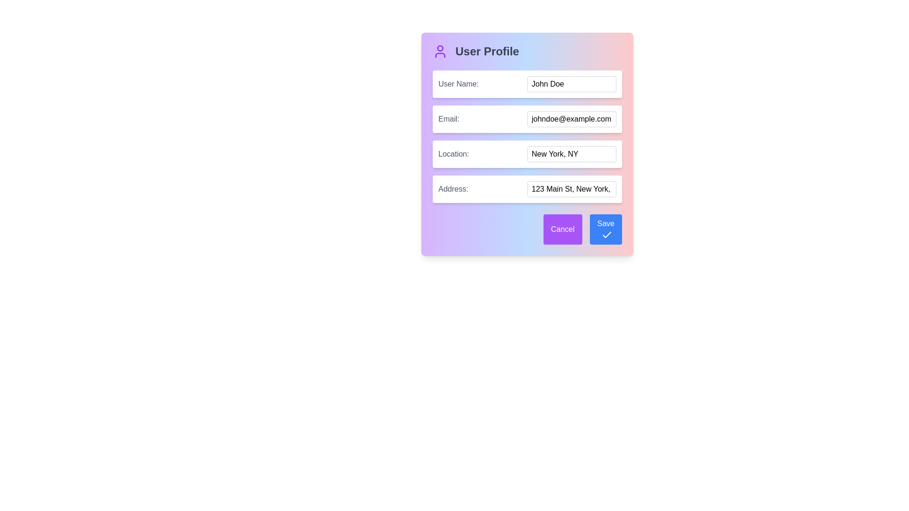 The image size is (909, 511). What do you see at coordinates (562, 229) in the screenshot?
I see `the 'Cancel' button` at bounding box center [562, 229].